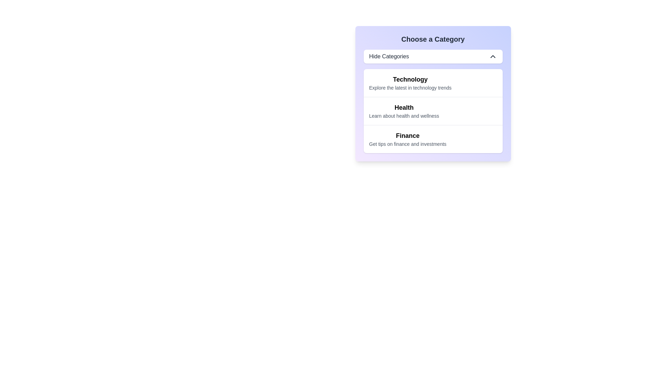 The image size is (667, 375). What do you see at coordinates (407, 144) in the screenshot?
I see `the subtitle text element styled with a smaller font size and gray color located beneath the 'Finance' header in the third category card under 'Choose a Category'` at bounding box center [407, 144].